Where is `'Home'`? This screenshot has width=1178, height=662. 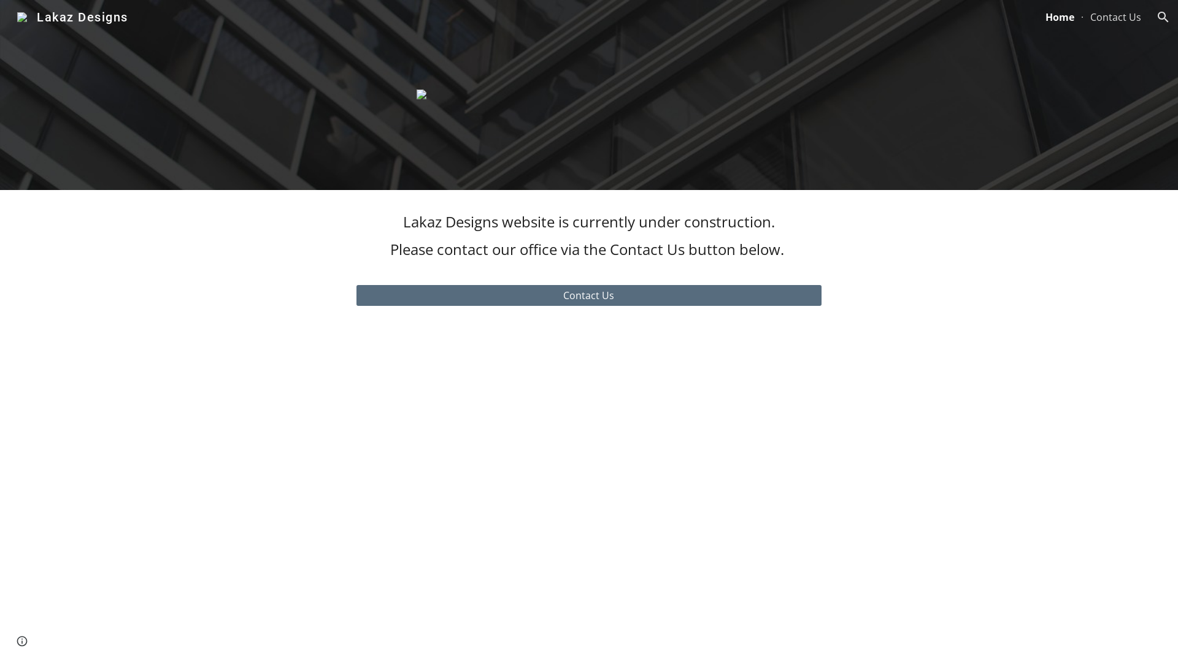
'Home' is located at coordinates (1059, 17).